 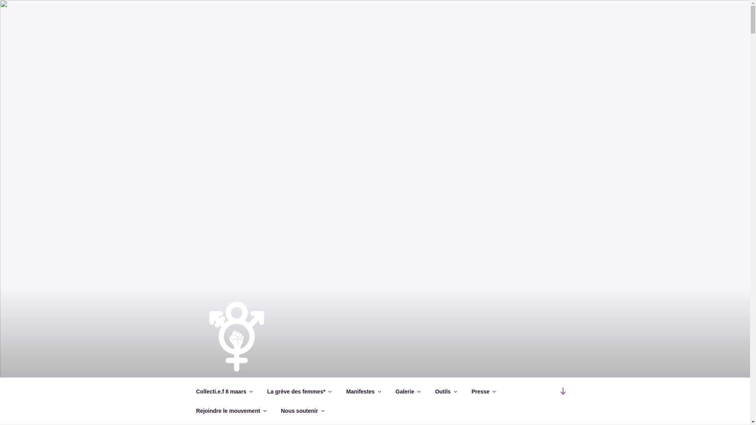 What do you see at coordinates (389, 391) in the screenshot?
I see `'Galerie'` at bounding box center [389, 391].